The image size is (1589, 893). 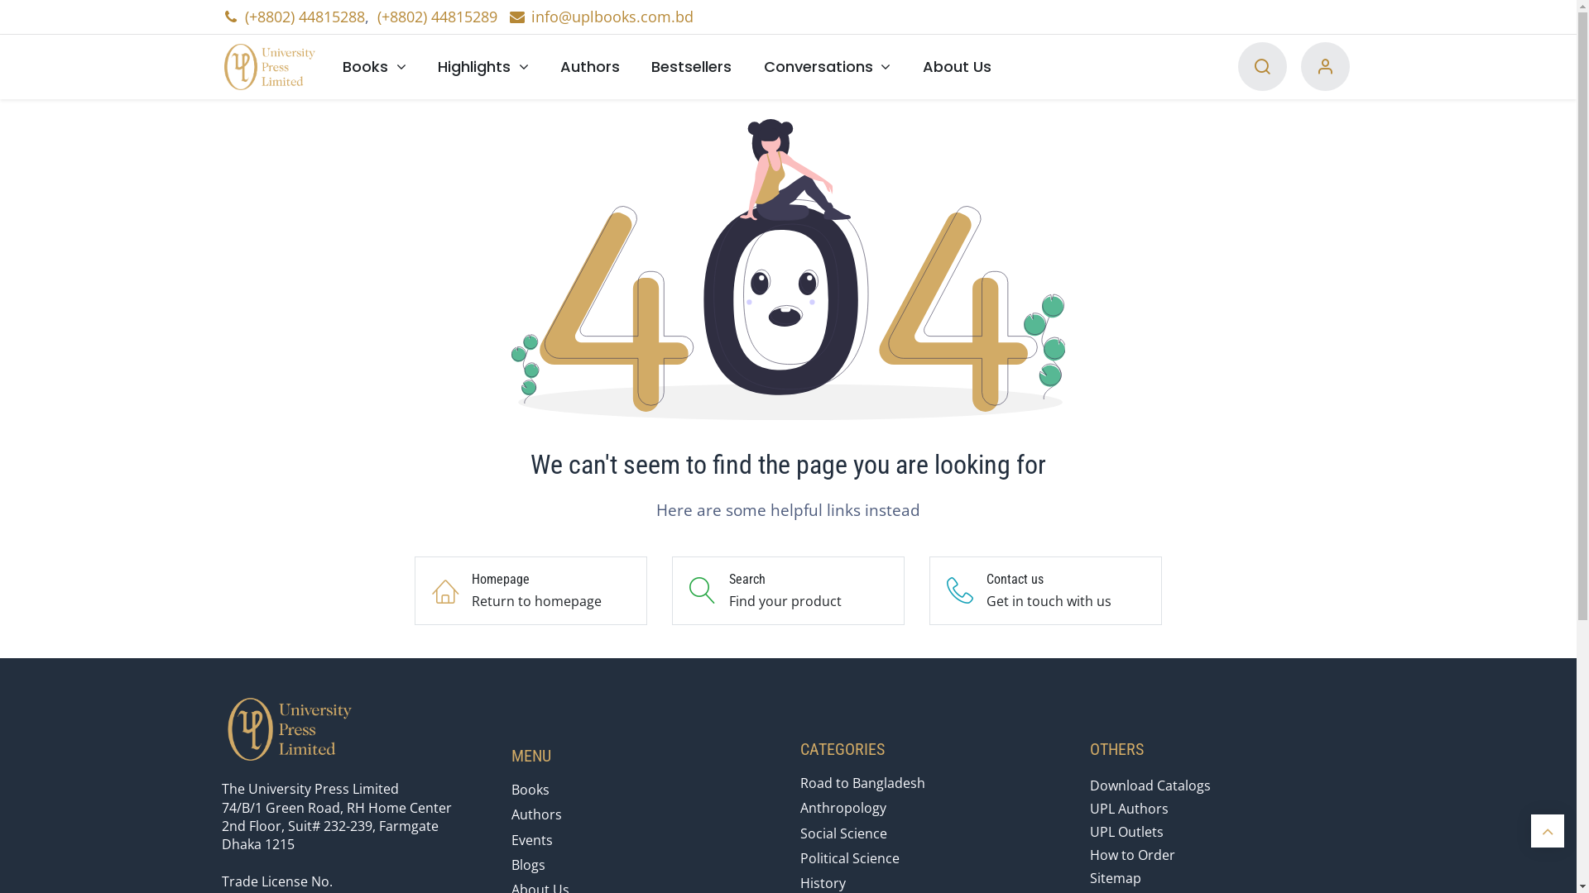 What do you see at coordinates (1116, 876) in the screenshot?
I see `'Sitemap'` at bounding box center [1116, 876].